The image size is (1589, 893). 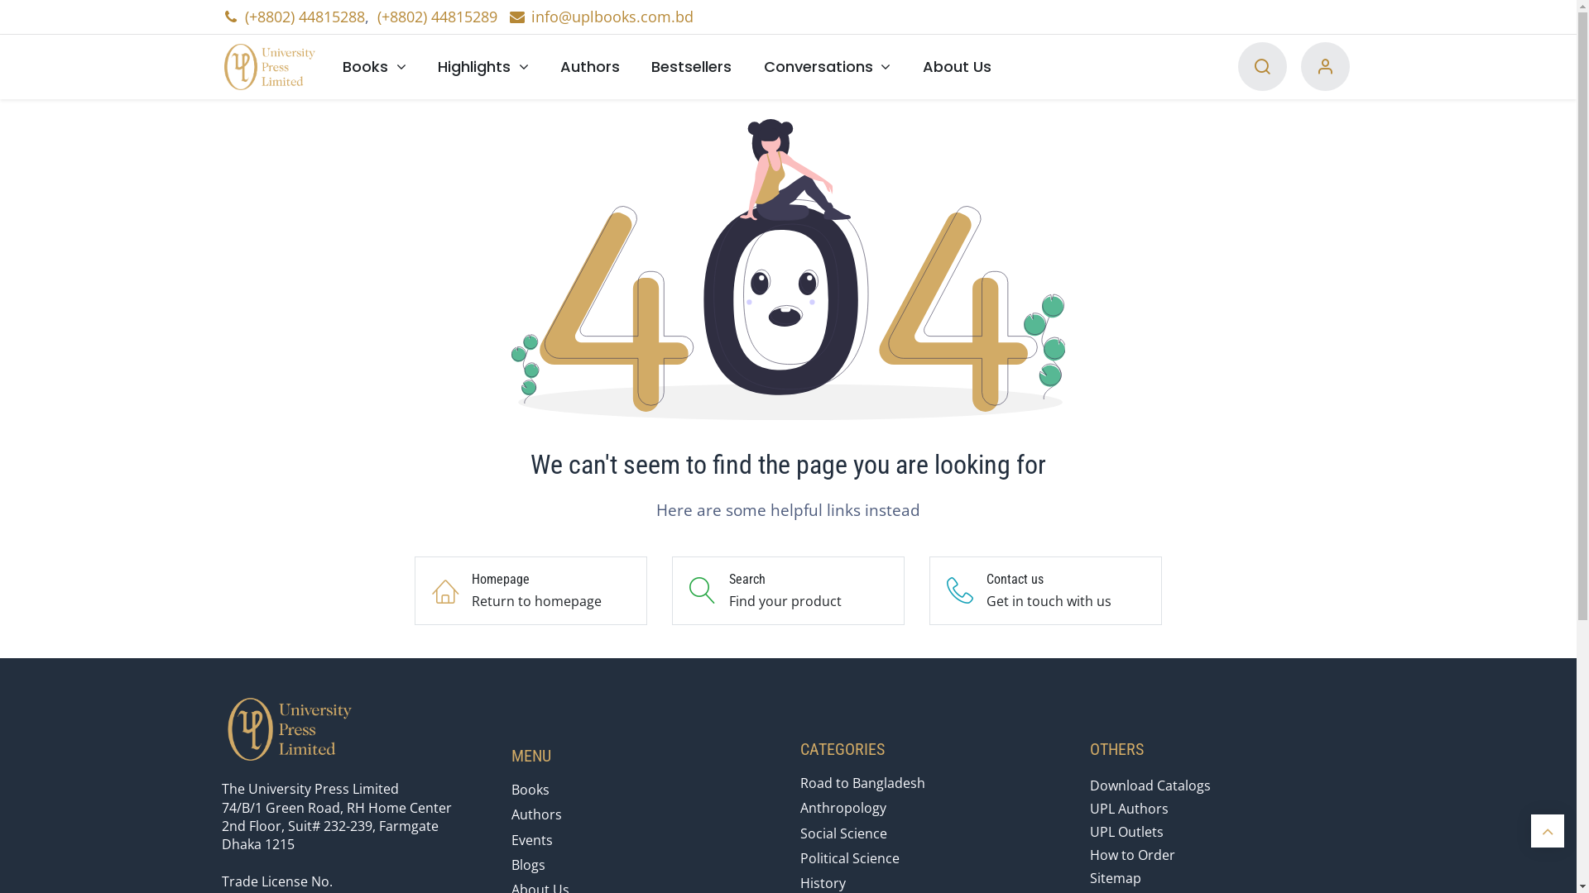 What do you see at coordinates (1116, 876) in the screenshot?
I see `'Sitemap'` at bounding box center [1116, 876].